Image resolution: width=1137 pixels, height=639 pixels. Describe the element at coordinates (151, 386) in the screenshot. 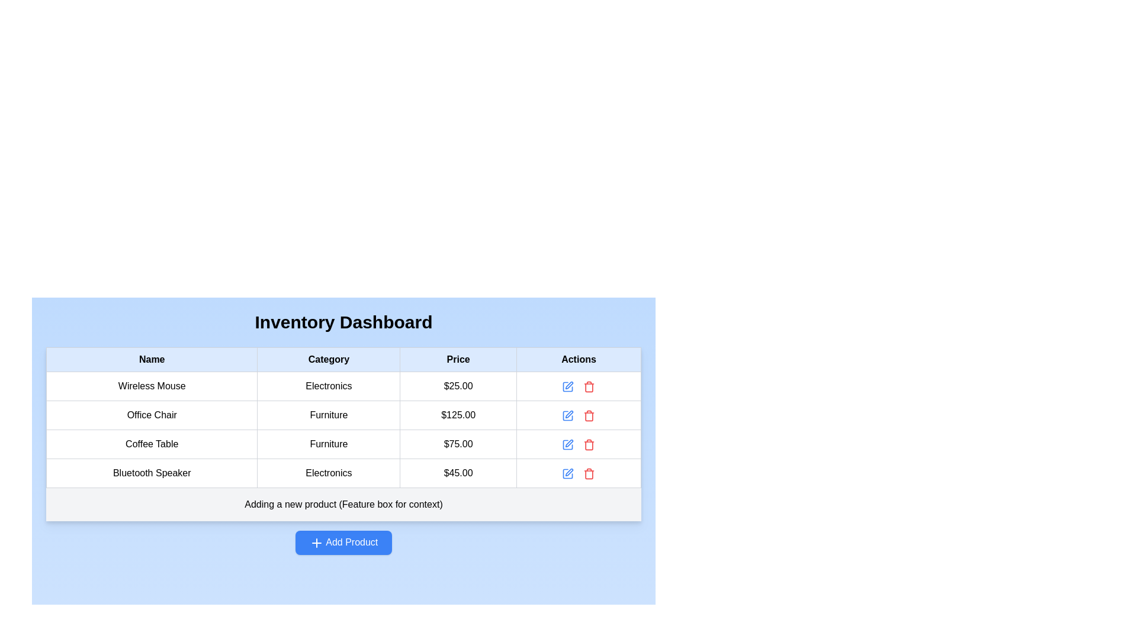

I see `the Text label displaying the inventory item 'Wireless Mouse' in the first row and first column of the table` at that location.